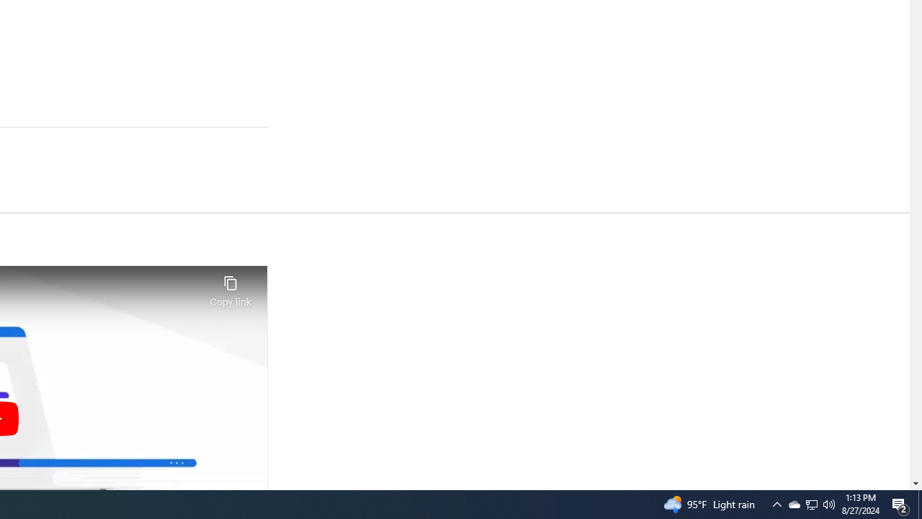  Describe the element at coordinates (230, 287) in the screenshot. I see `'Copy link'` at that location.